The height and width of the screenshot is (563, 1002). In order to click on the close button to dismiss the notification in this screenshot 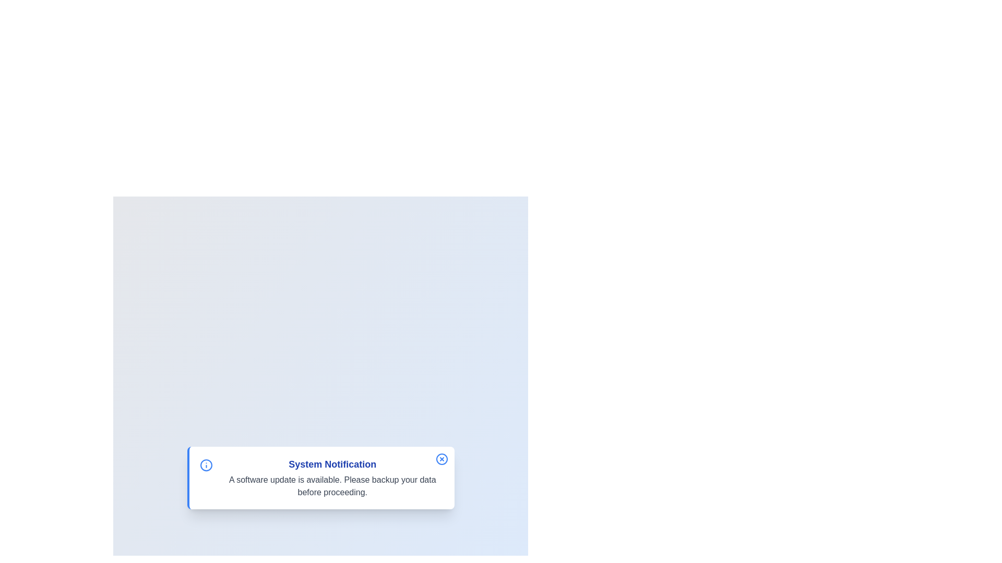, I will do `click(442, 458)`.